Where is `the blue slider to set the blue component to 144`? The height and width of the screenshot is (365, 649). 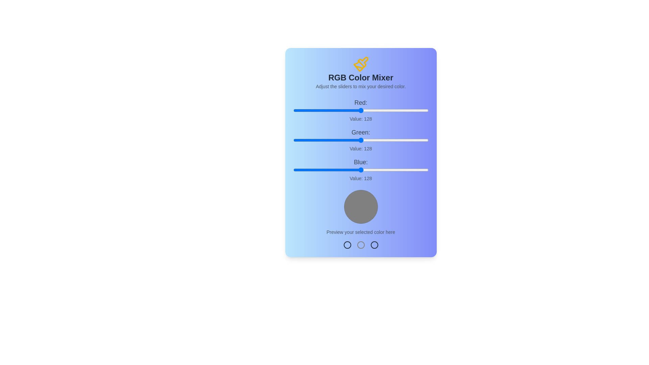
the blue slider to set the blue component to 144 is located at coordinates (369, 169).